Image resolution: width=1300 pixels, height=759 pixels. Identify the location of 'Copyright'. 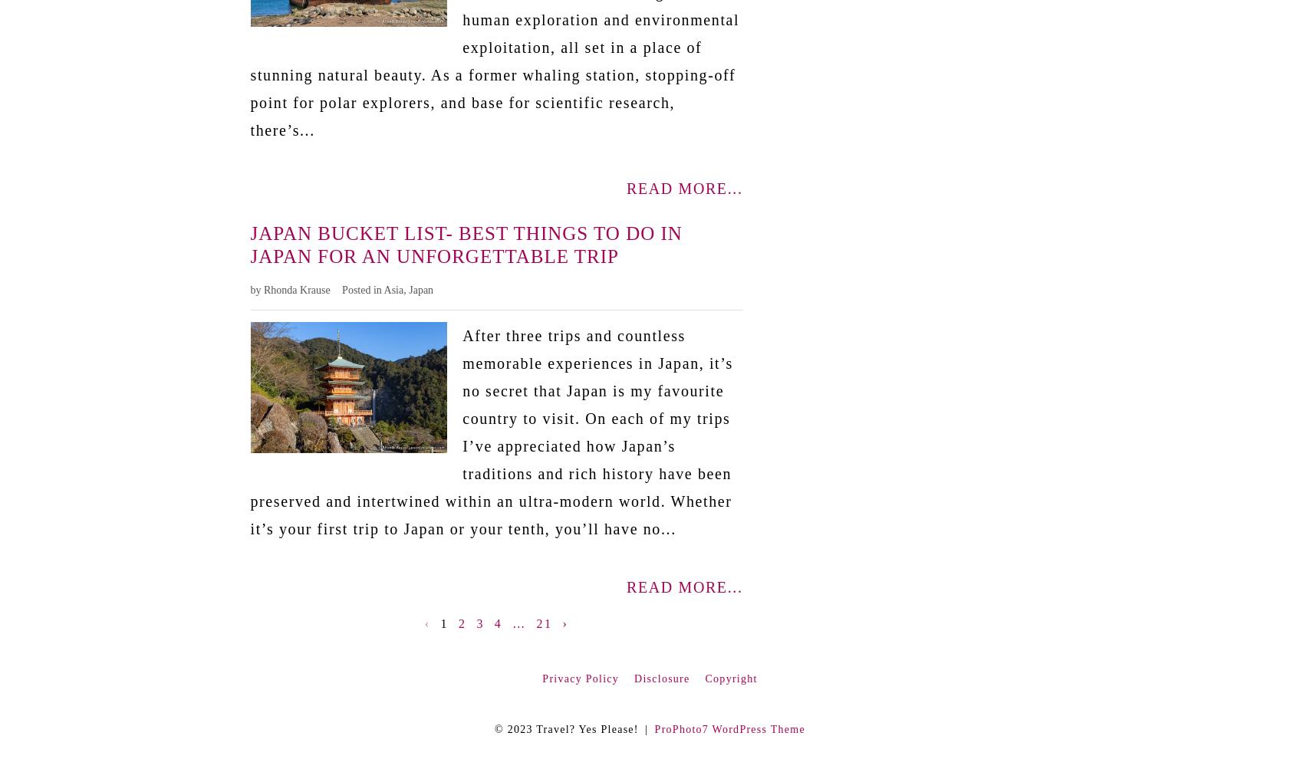
(730, 678).